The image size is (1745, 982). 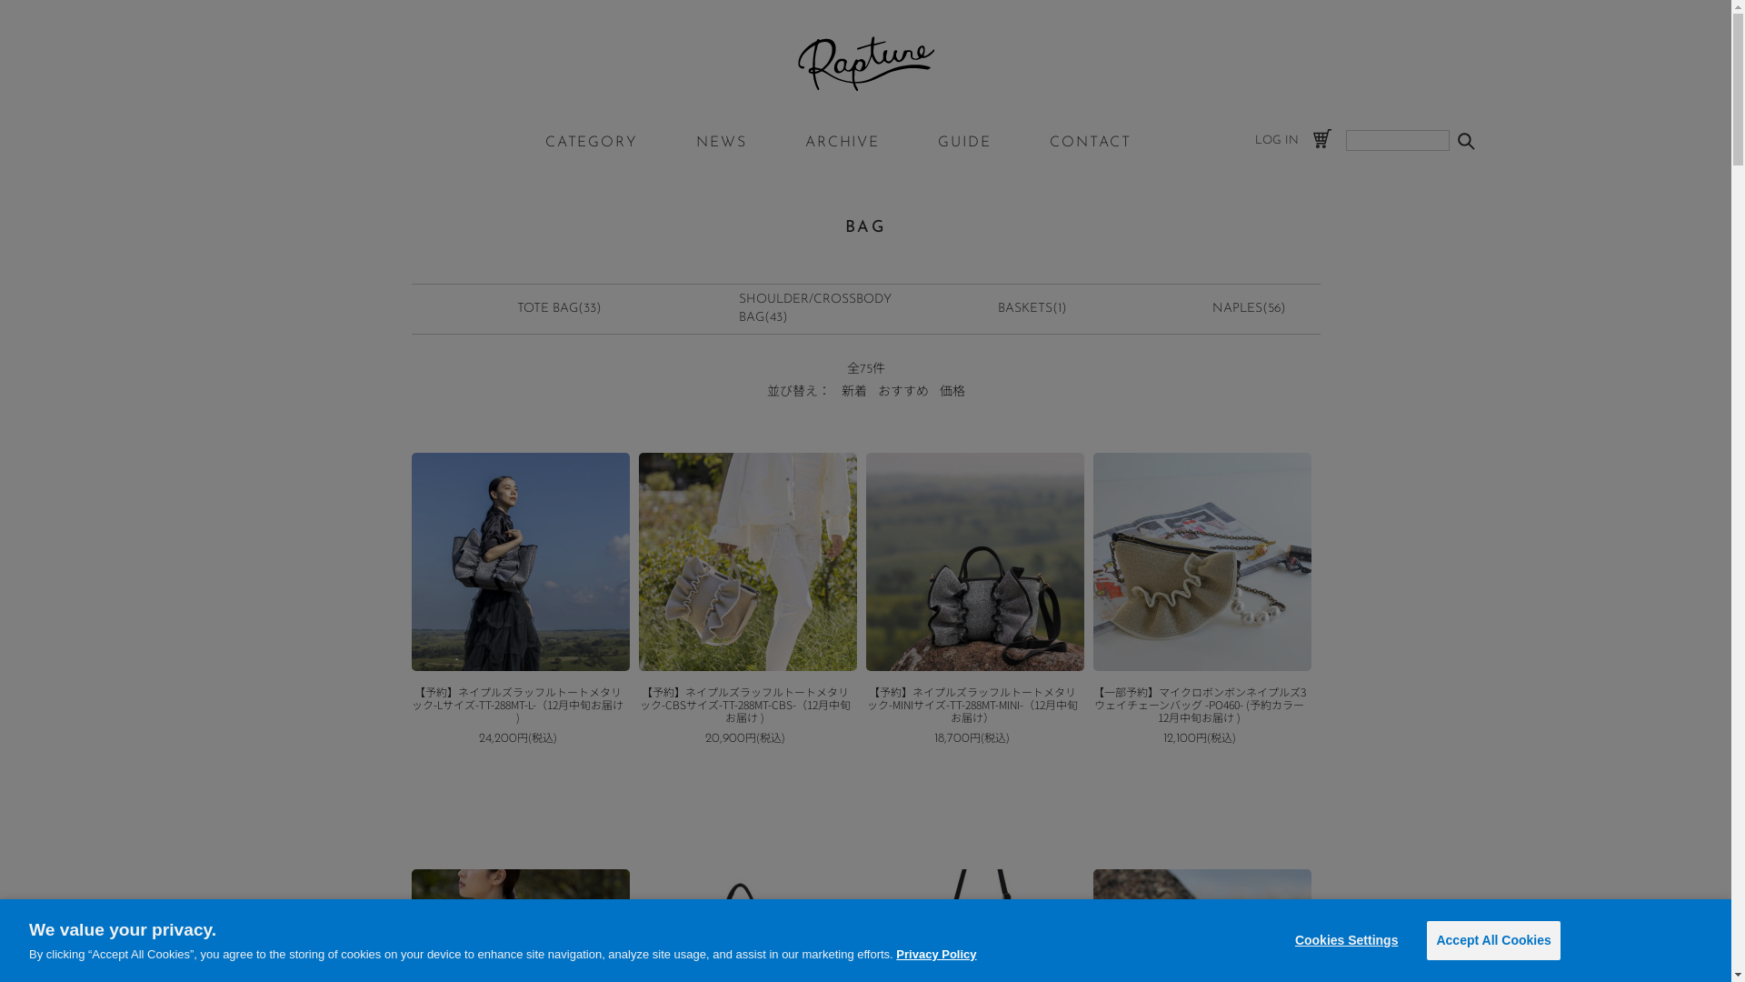 What do you see at coordinates (592, 142) in the screenshot?
I see `'CATEGORY'` at bounding box center [592, 142].